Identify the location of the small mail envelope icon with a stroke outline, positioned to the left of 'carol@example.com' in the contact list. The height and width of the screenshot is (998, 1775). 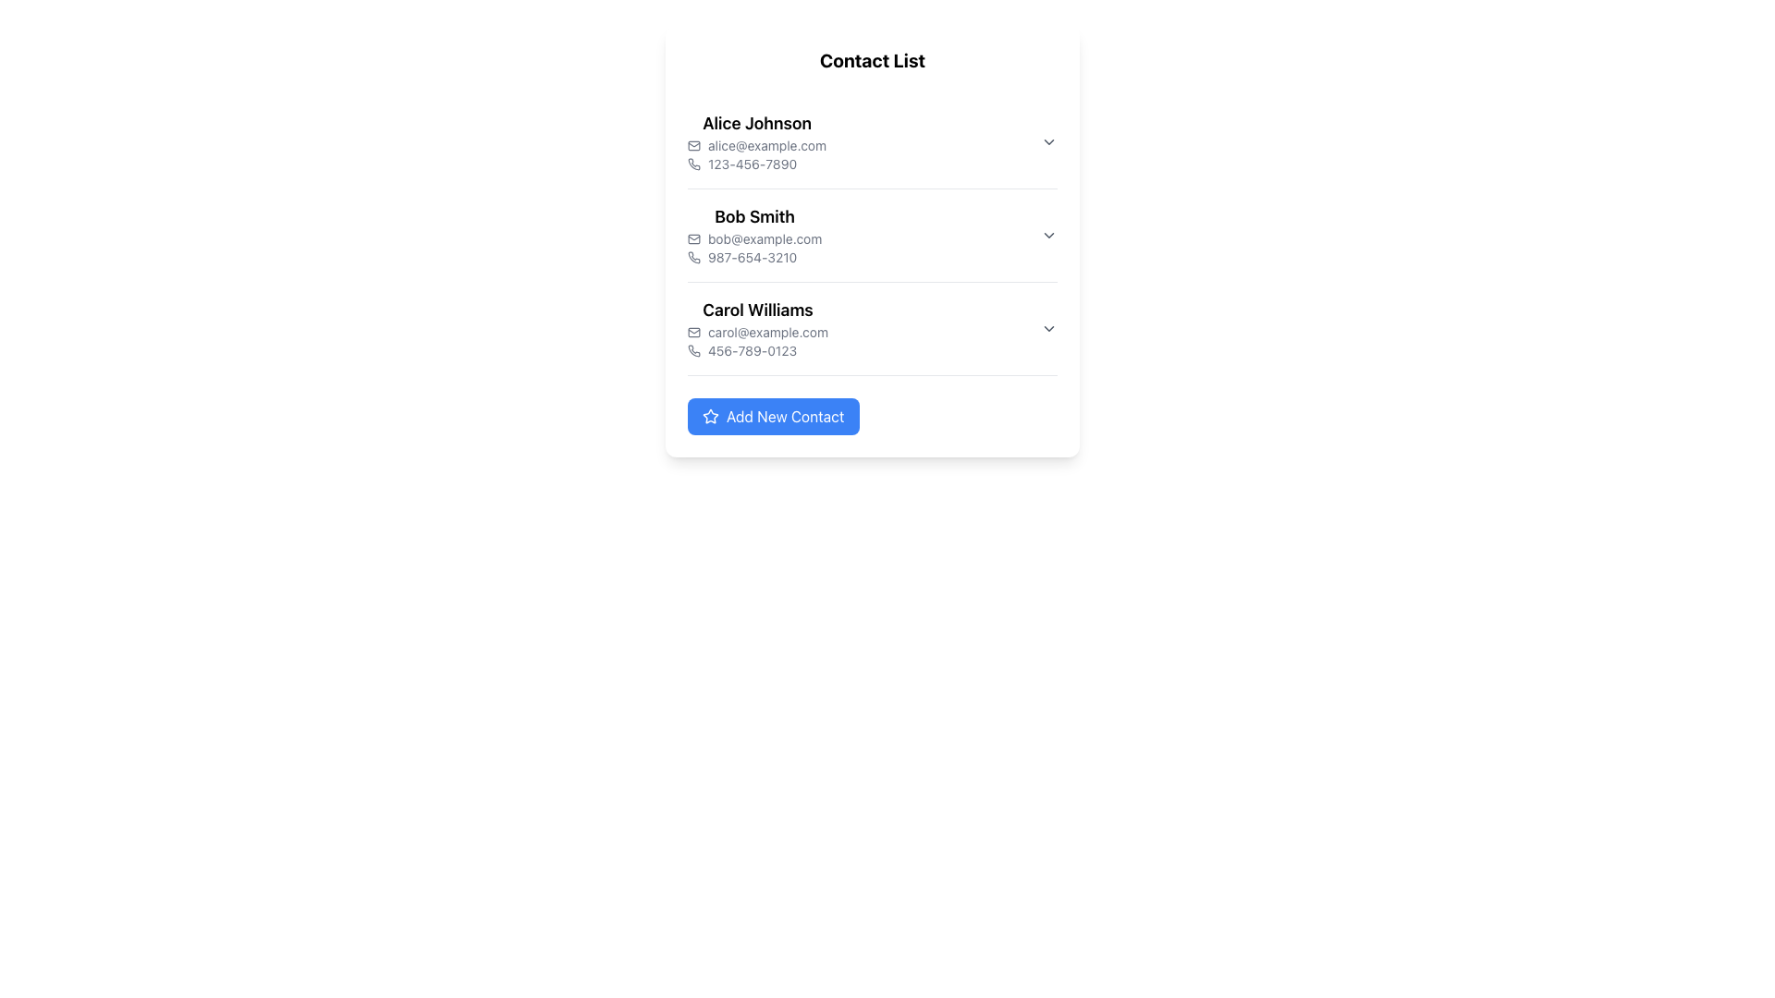
(692, 331).